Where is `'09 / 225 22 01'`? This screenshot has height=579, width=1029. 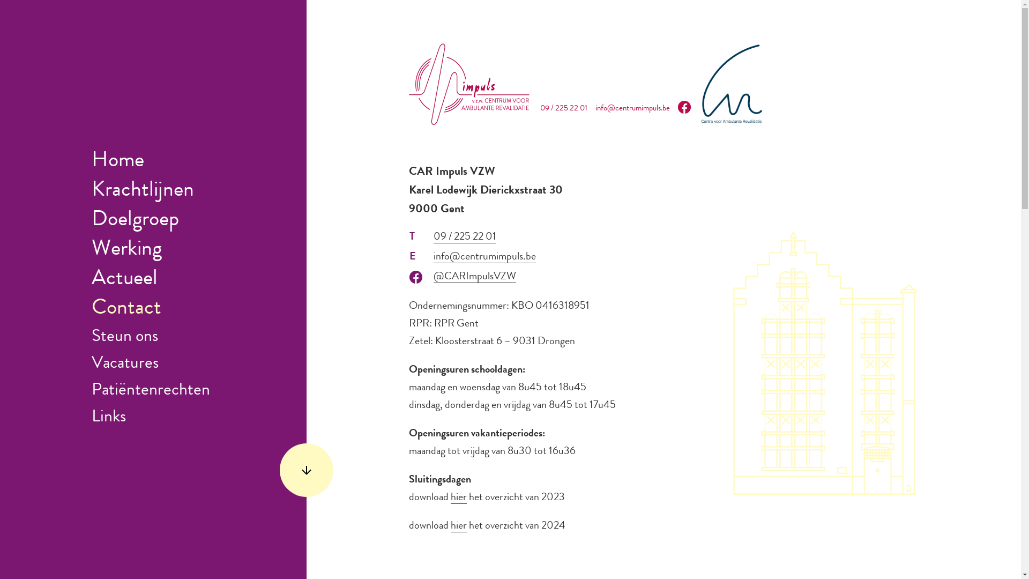
'09 / 225 22 01' is located at coordinates (434, 237).